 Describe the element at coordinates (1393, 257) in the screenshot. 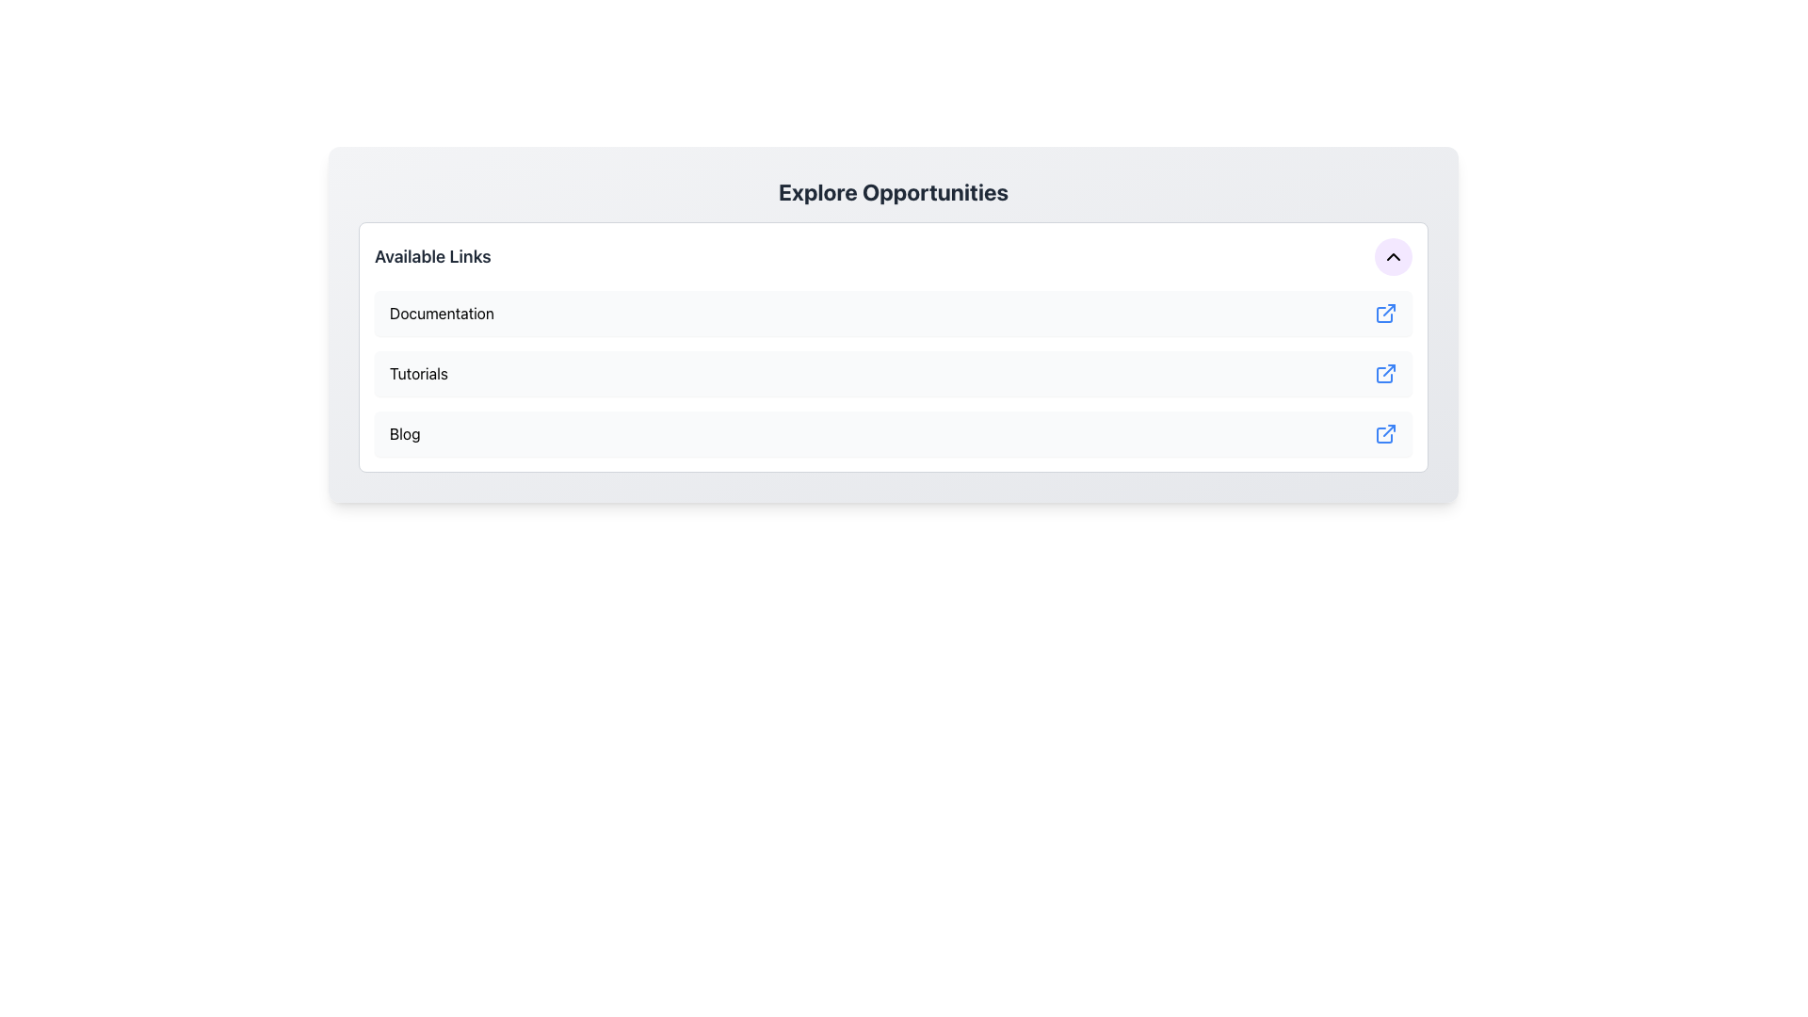

I see `the toggle icon in the circular, purple-highlighted button at the top-right corner of the 'Available Links' card` at that location.